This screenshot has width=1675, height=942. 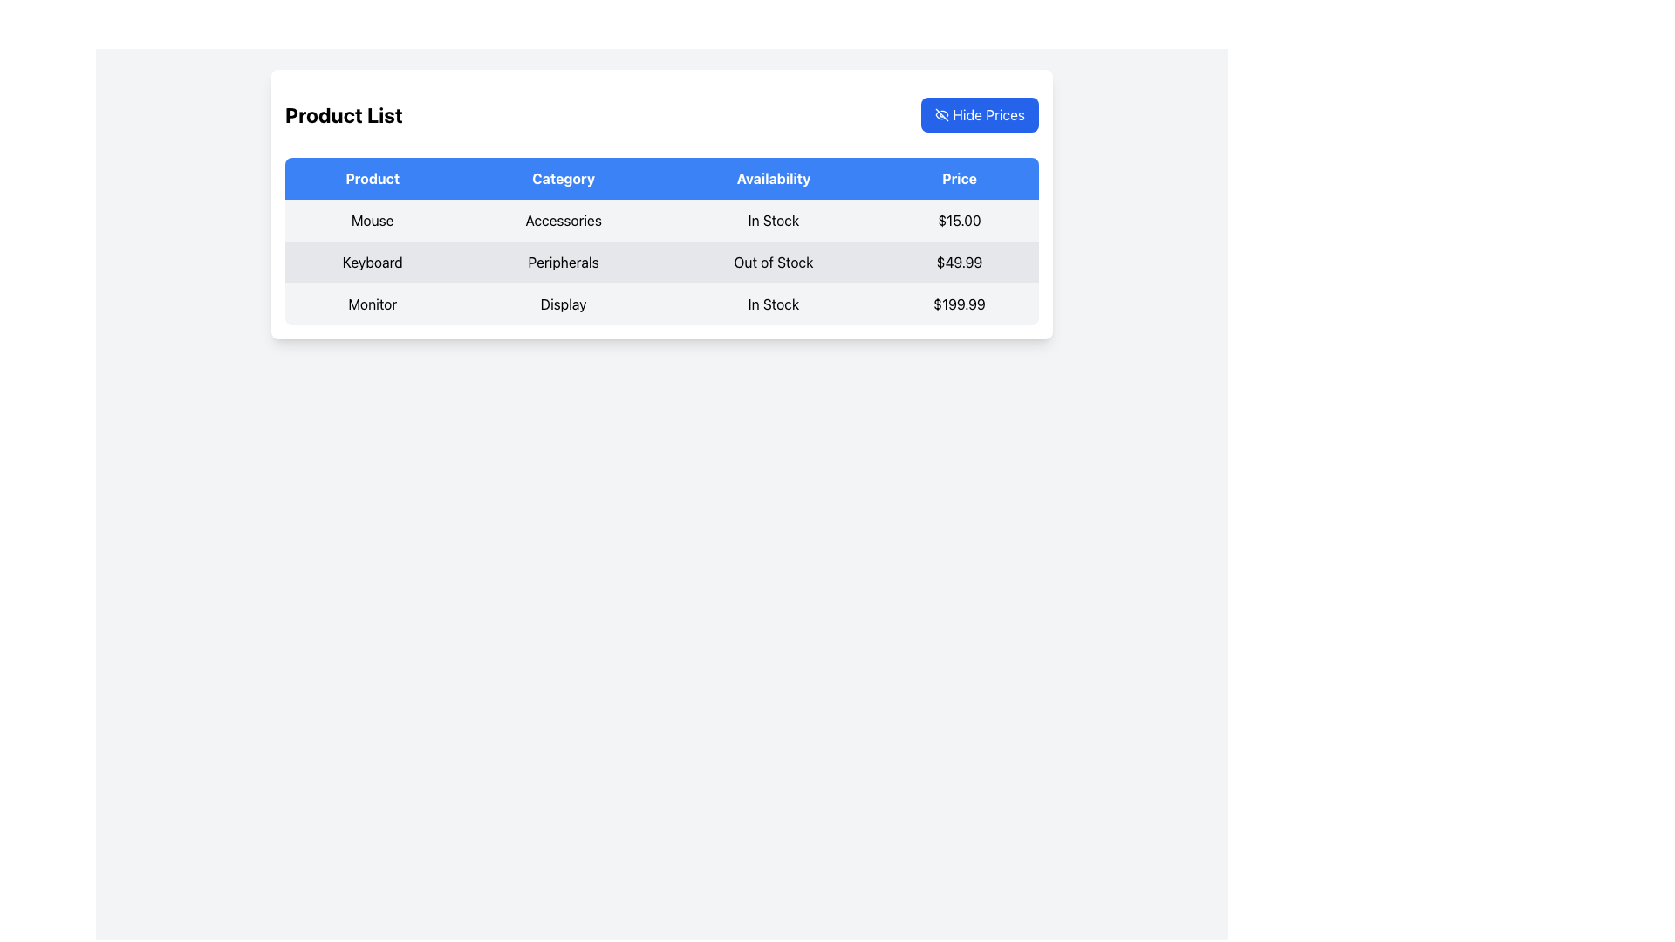 I want to click on the Header text in the Product List table column that indicates the availability status of items, which is the third header between 'Category' and 'Price', so click(x=773, y=178).